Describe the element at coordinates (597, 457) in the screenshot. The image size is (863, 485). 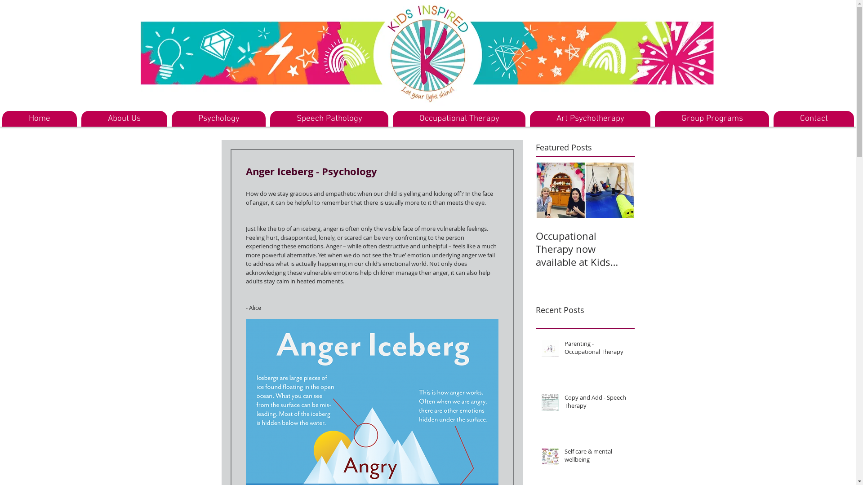
I see `'Self care & mental wellbeing'` at that location.